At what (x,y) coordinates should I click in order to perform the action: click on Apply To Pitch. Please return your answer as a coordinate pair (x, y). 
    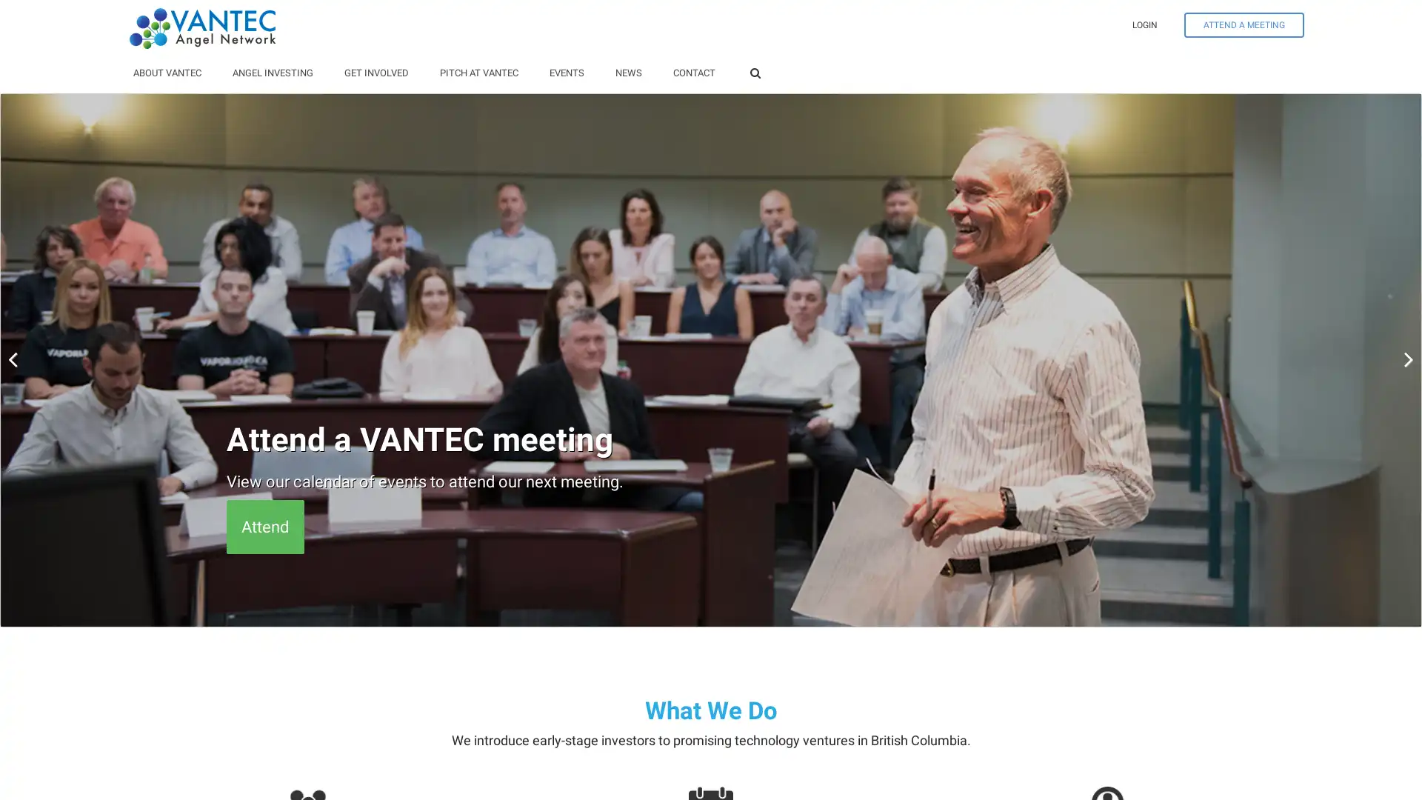
    Looking at the image, I should click on (292, 526).